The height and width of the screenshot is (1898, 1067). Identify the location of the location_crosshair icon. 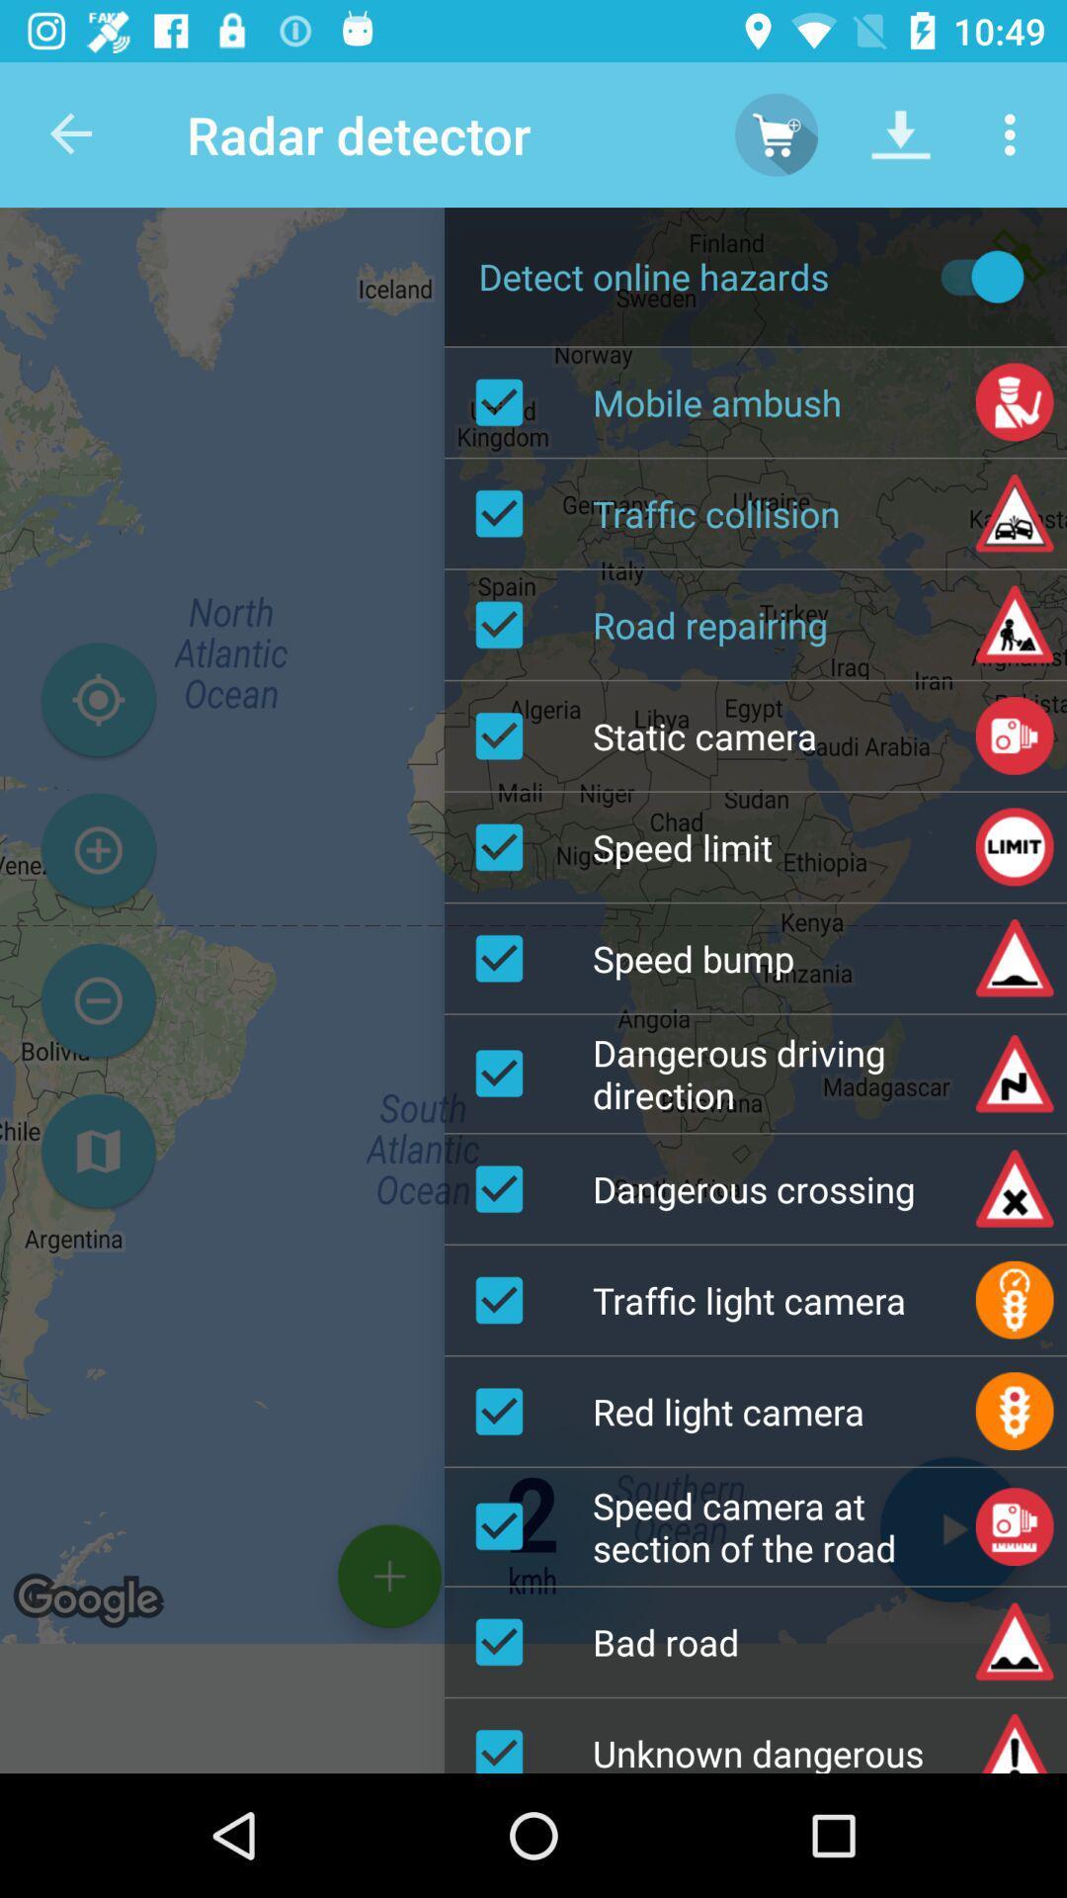
(98, 700).